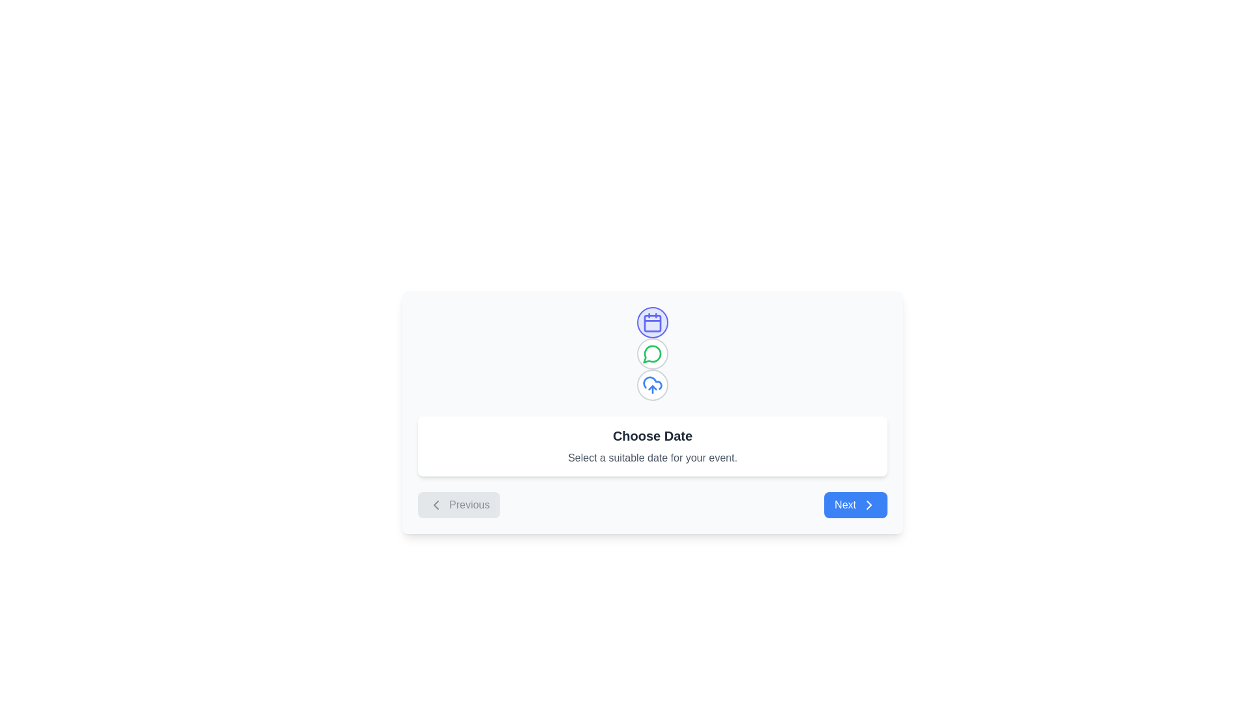 Image resolution: width=1252 pixels, height=704 pixels. I want to click on the arrow icon located at the center-right of the 'Next' button, so click(869, 505).